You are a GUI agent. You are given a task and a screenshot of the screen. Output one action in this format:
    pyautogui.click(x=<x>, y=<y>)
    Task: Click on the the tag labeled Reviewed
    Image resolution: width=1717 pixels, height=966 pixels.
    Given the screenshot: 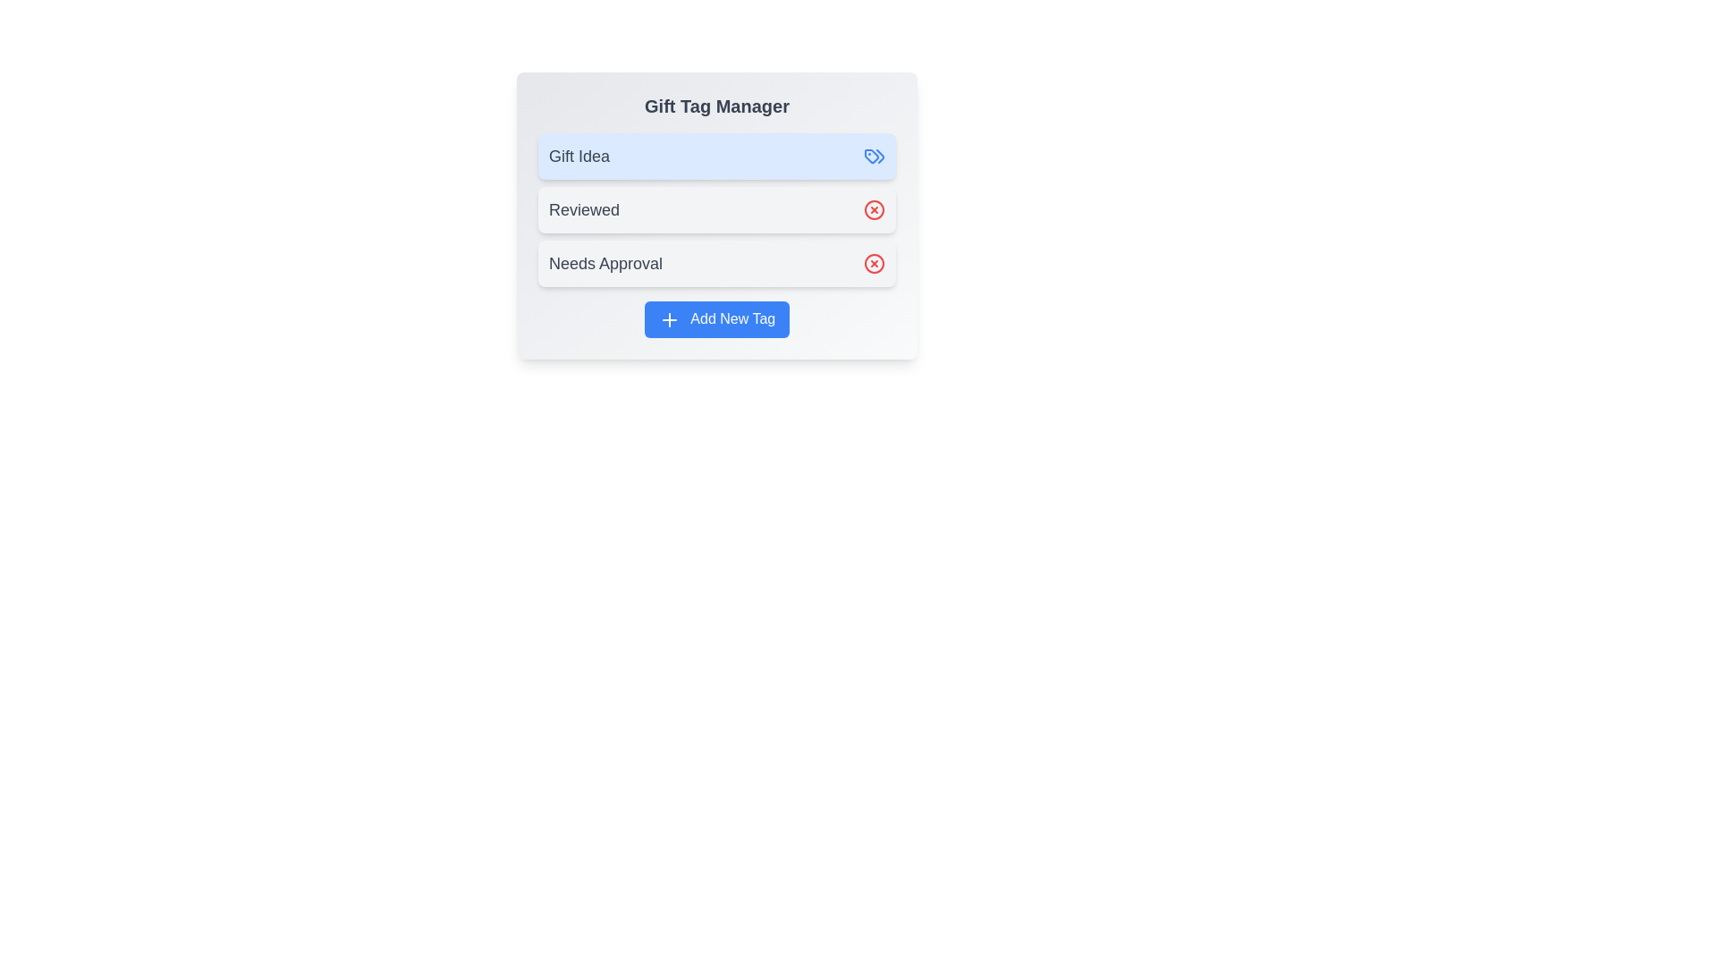 What is the action you would take?
    pyautogui.click(x=716, y=209)
    